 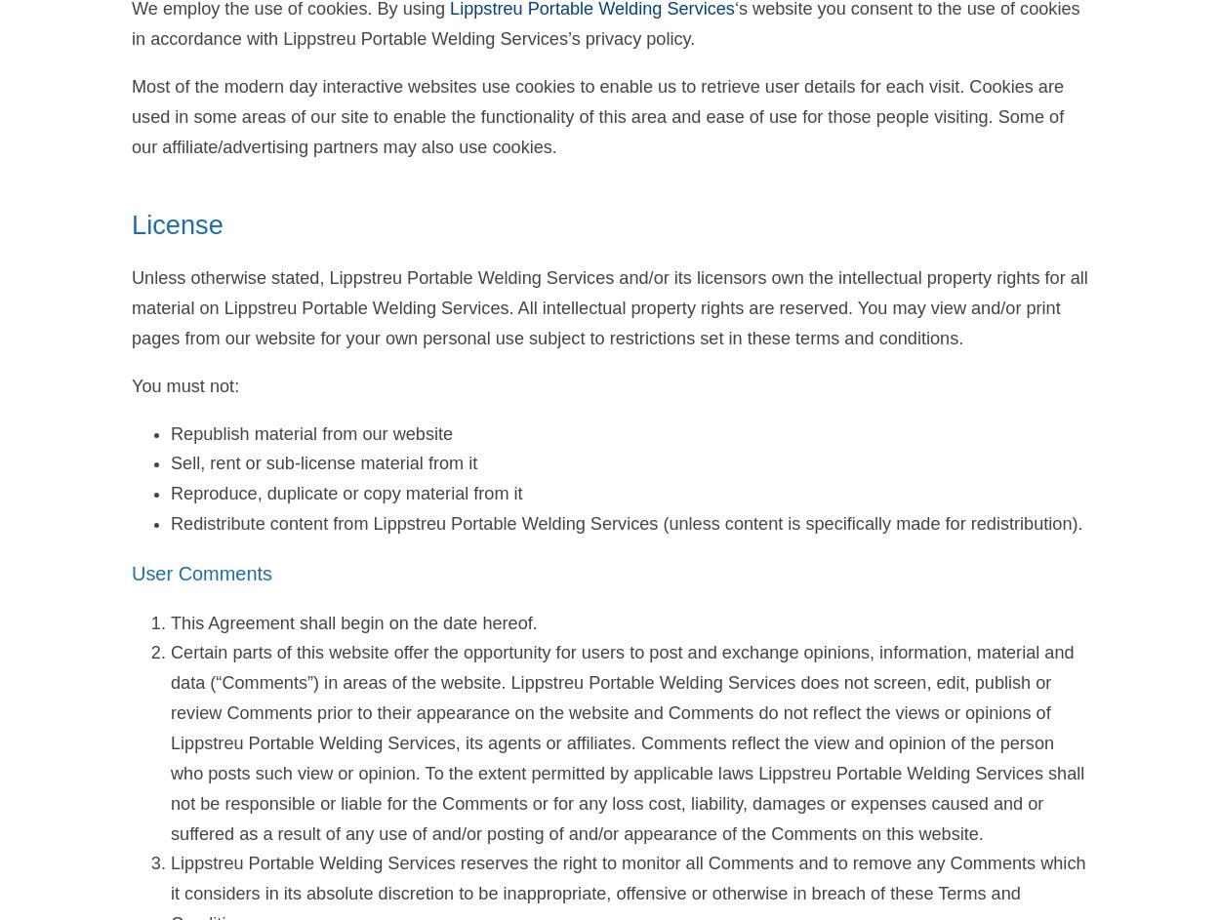 I want to click on 'Certain parts of this website offer the opportunity for users to post and exchange opinions, information, material and data (“Comments”) in areas of the website. Lippstreu Portable Welding Services does not screen, edit, publish or review Comments prior to their appearance on the website and Comments do not reflect the views or opinions of Lippstreu Portable Welding Services, its agents or affiliates. Comments reflect the view and opinion of the person who posts such view or opinion. To the extent permitted by applicable laws Lippstreu Portable Welding Services shall not be responsible or liable for the Comments or for any loss cost, liability, damages or expenses caused and or suffered as a result of any use of and/or posting of and/or appearance of the Comments on this website.', so click(x=628, y=742).